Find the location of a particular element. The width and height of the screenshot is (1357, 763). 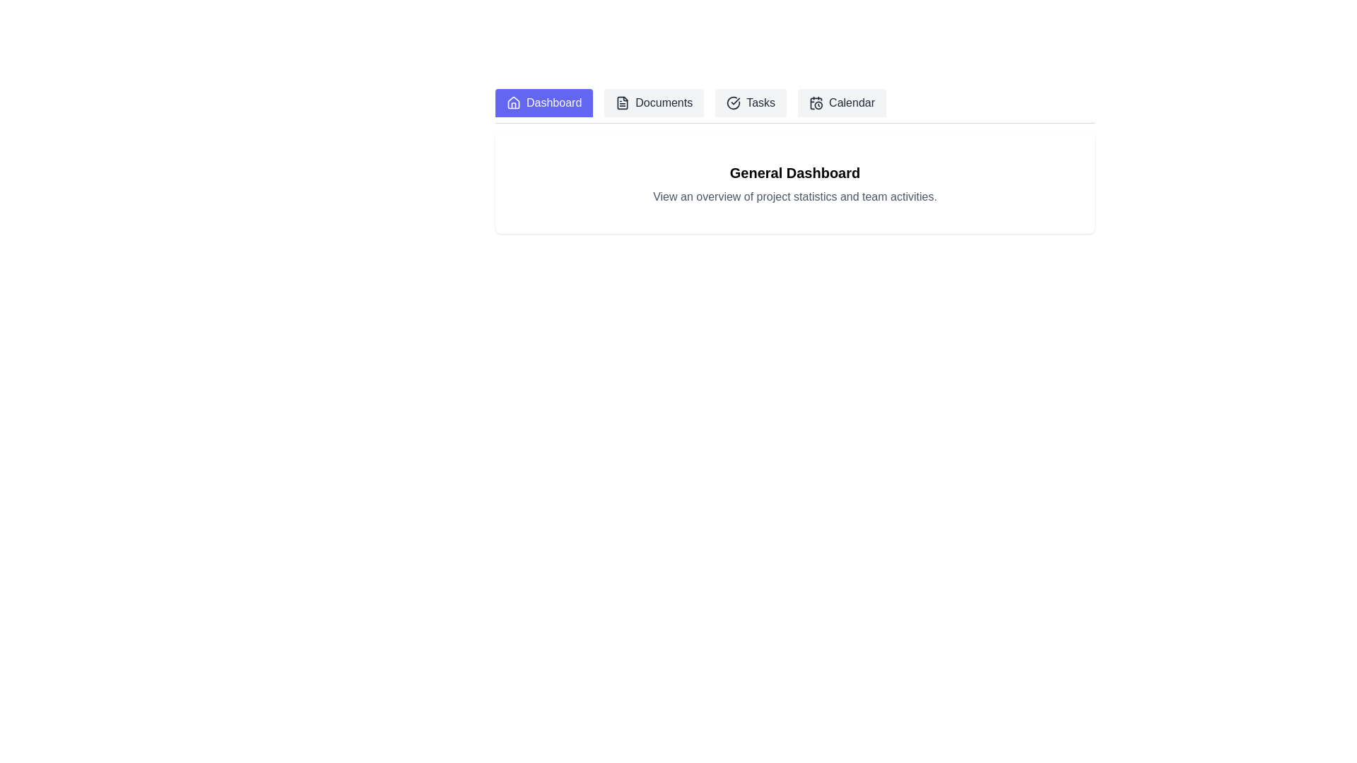

the Navigation bar tab located at the top-center of the interface for visual feedback is located at coordinates (794, 105).